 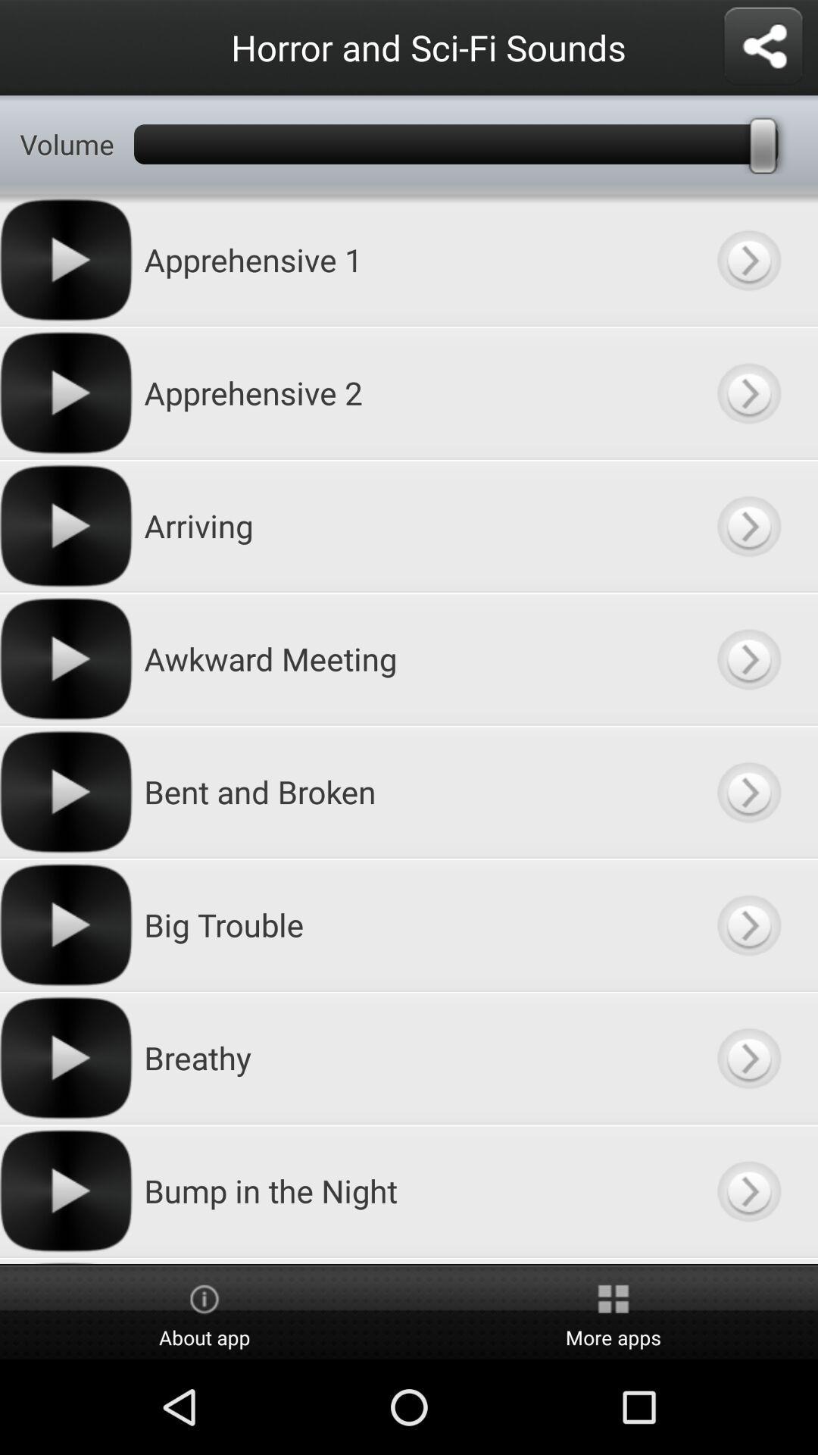 I want to click on option, so click(x=748, y=526).